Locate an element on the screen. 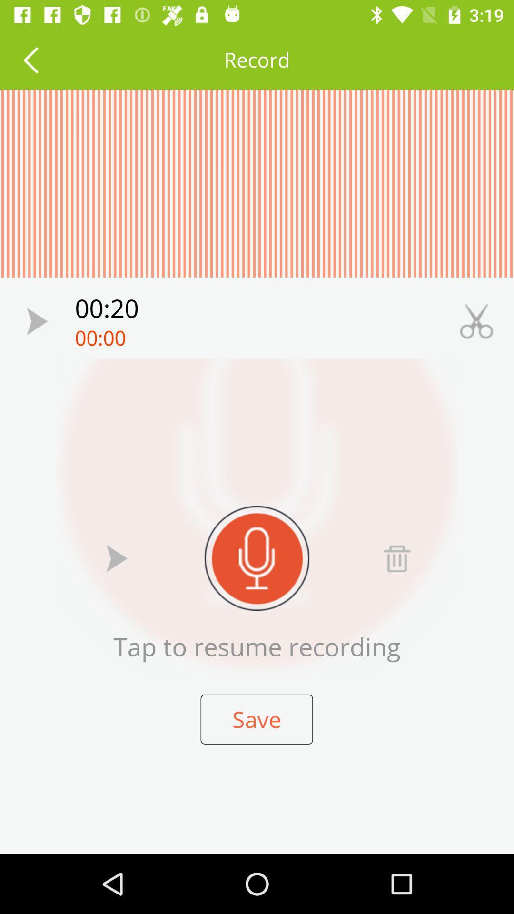 The image size is (514, 914). the save item is located at coordinates (256, 719).